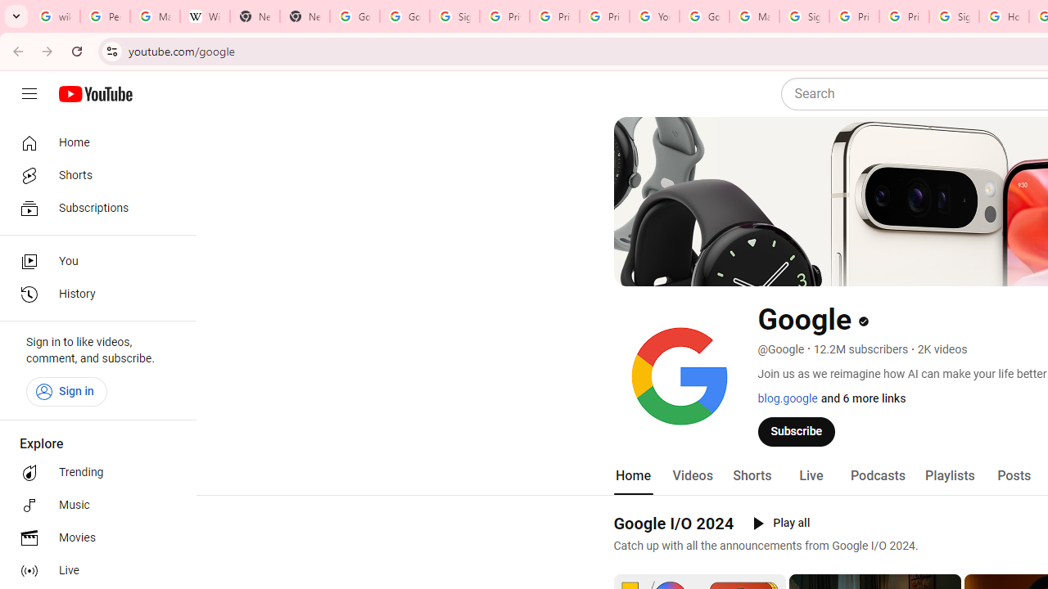 The image size is (1048, 589). Describe the element at coordinates (104, 16) in the screenshot. I see `'Personalization & Google Search results - Google Search Help'` at that location.